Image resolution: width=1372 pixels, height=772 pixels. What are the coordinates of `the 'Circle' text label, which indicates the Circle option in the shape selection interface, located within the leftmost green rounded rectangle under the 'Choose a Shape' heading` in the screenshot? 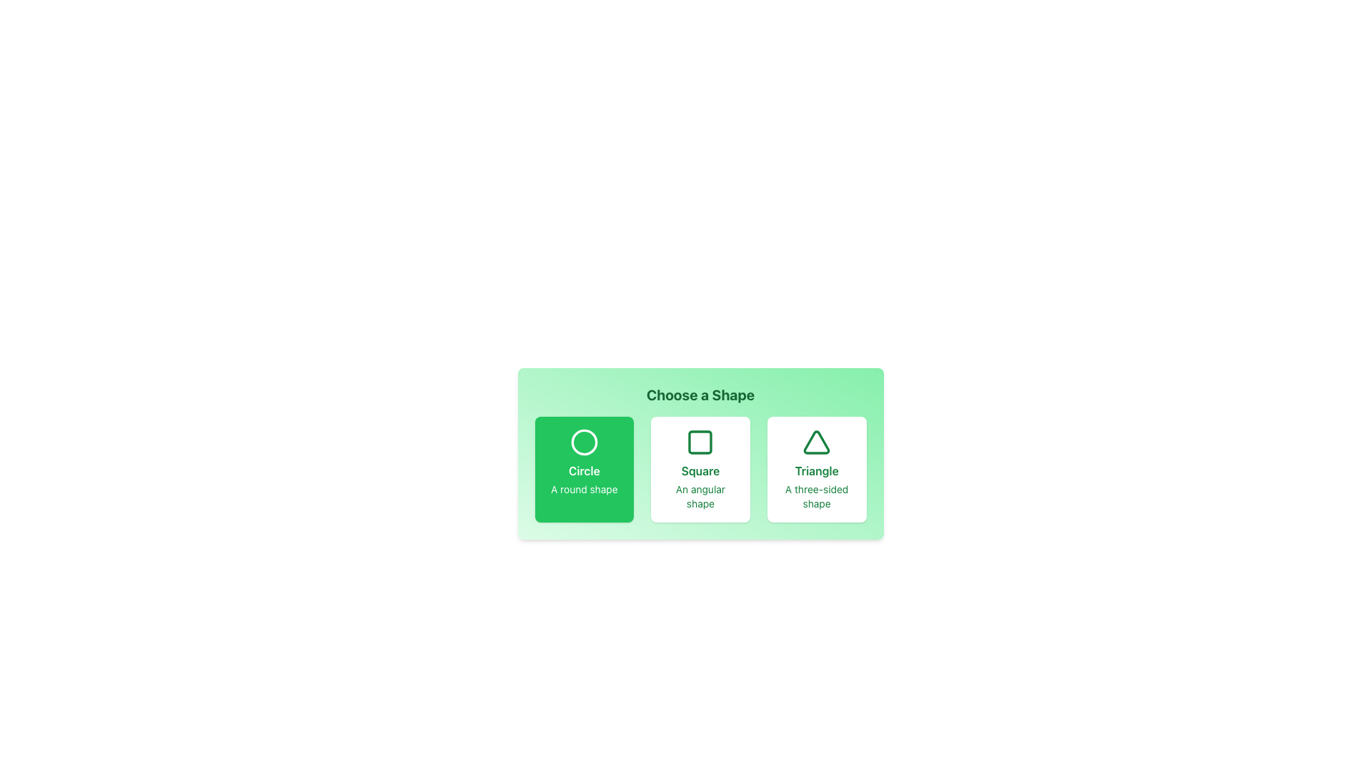 It's located at (584, 471).